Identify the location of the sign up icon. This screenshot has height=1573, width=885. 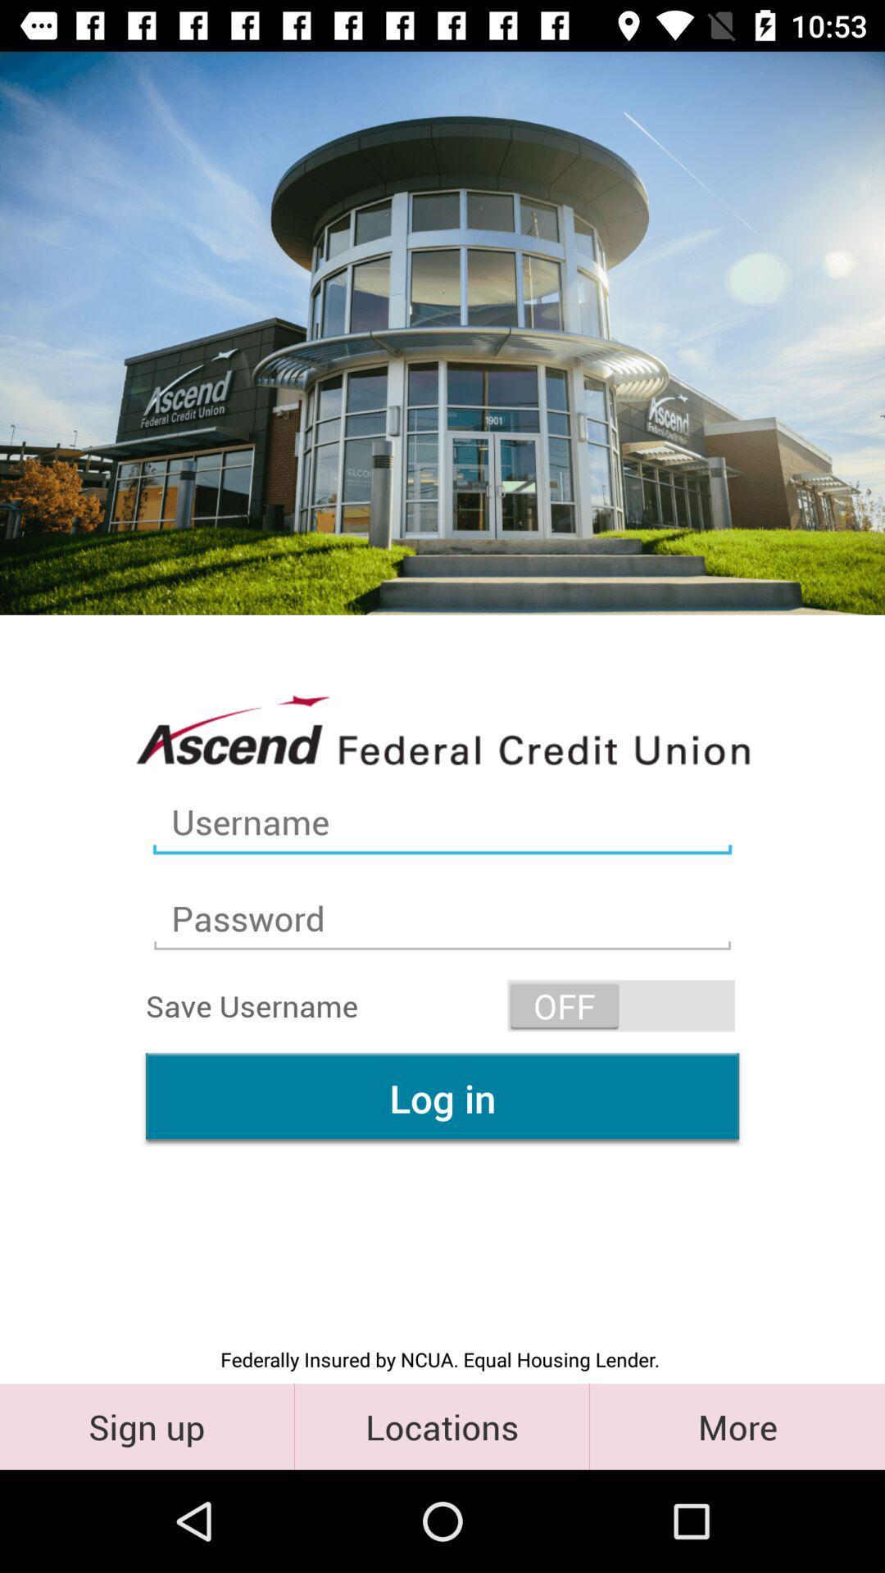
(146, 1426).